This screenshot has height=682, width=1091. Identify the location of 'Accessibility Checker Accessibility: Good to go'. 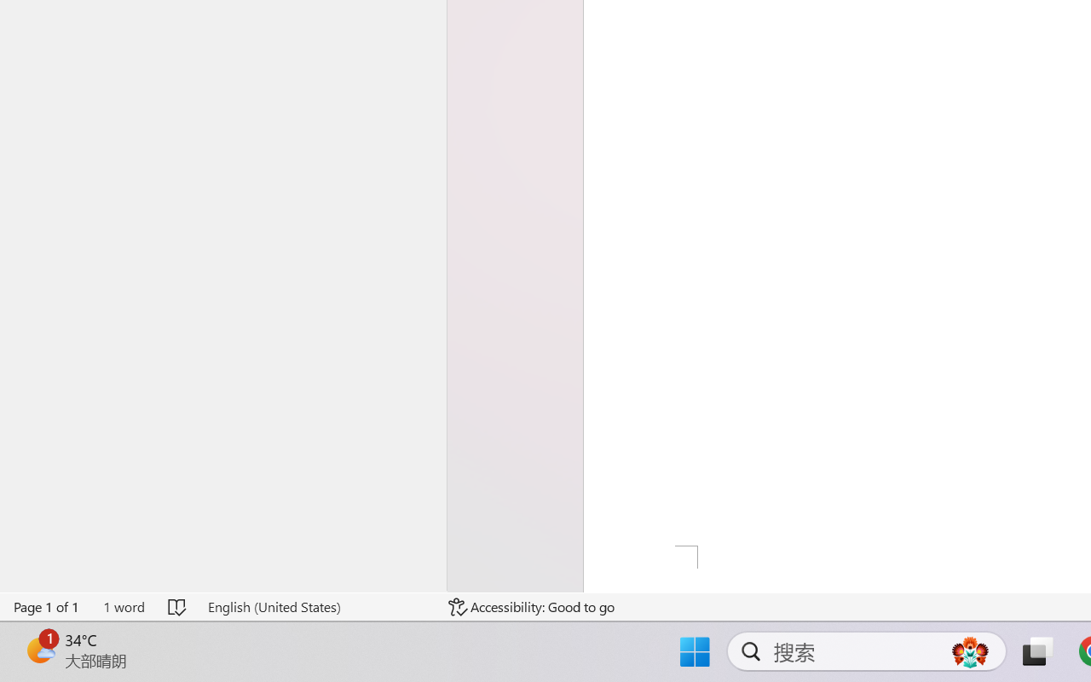
(531, 606).